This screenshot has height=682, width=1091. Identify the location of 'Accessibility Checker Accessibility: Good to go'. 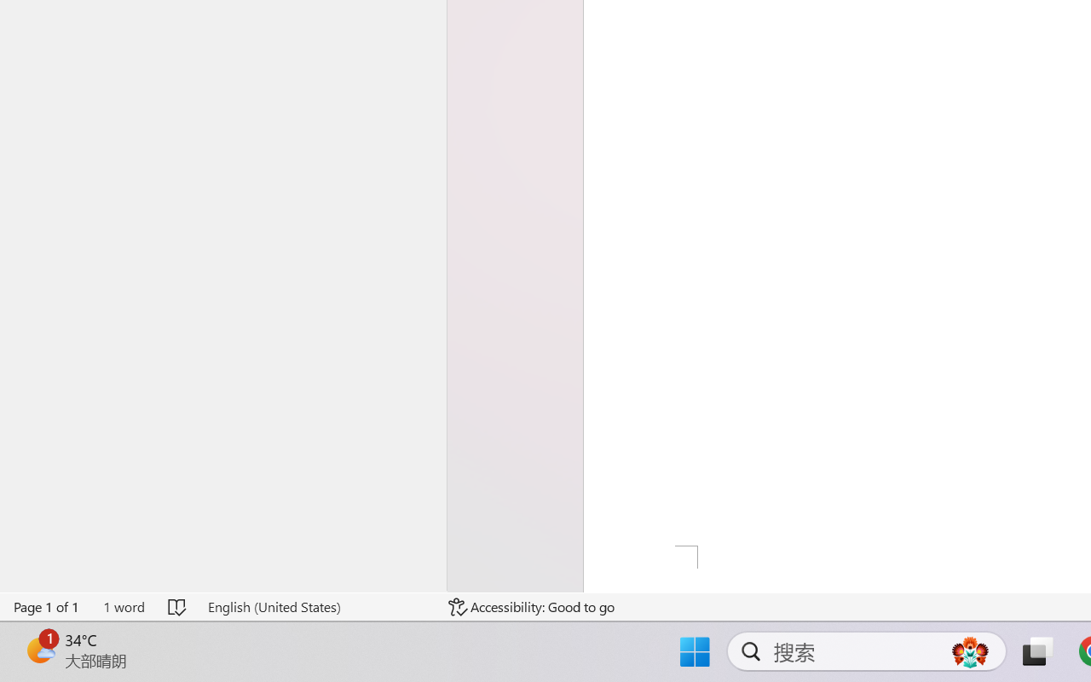
(531, 606).